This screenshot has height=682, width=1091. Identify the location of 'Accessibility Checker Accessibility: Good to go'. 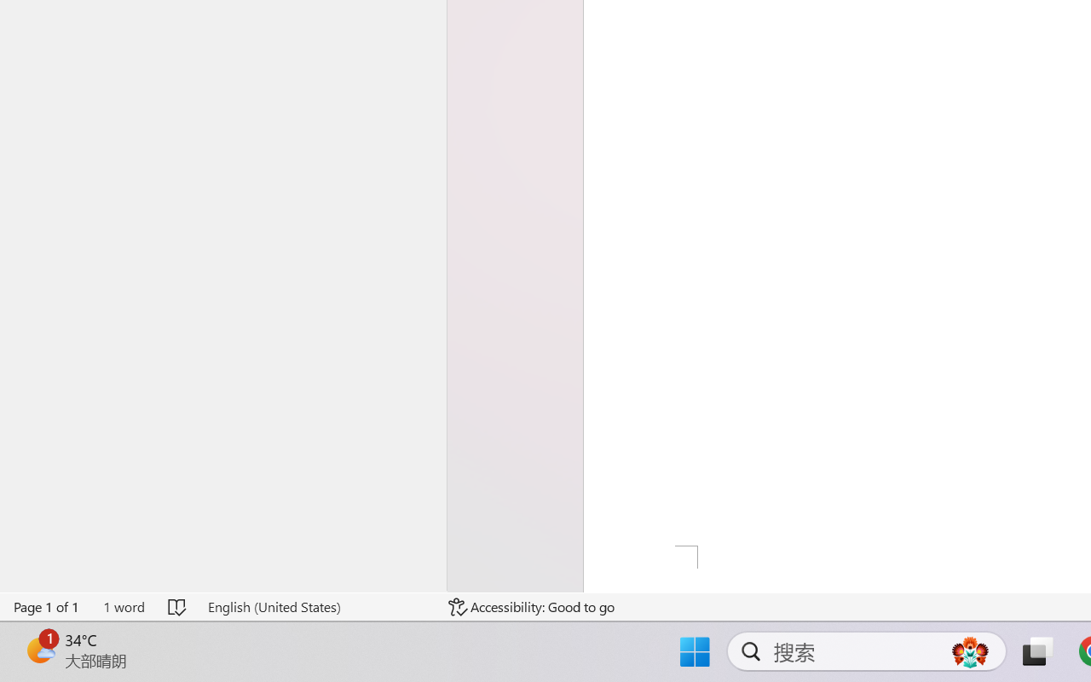
(531, 606).